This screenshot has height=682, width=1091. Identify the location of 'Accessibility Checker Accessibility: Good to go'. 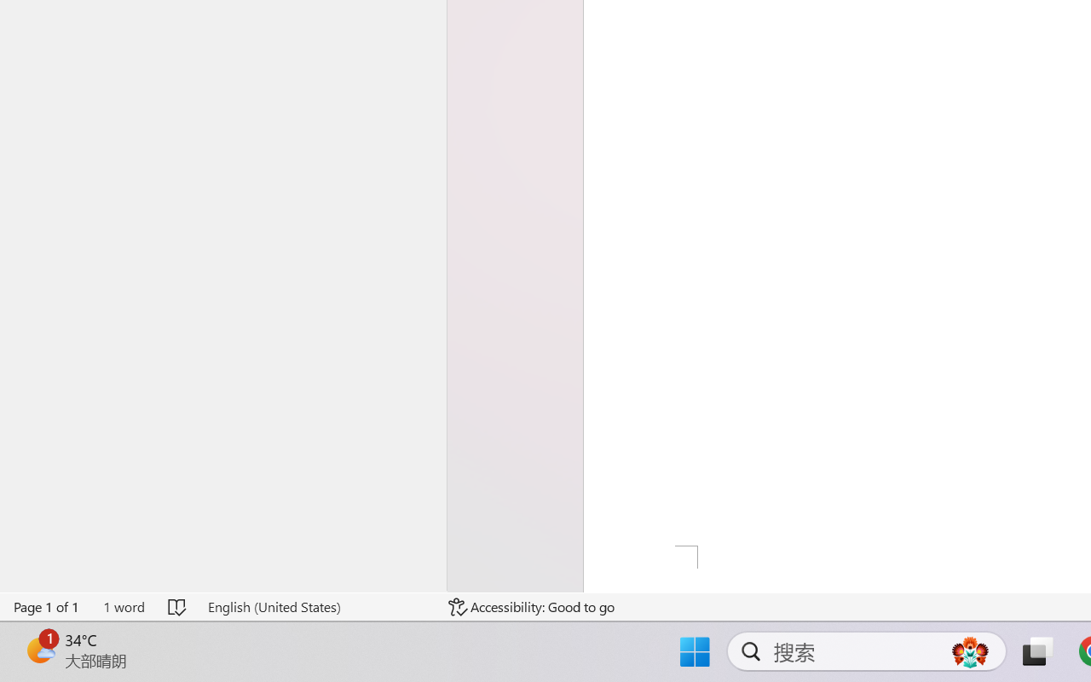
(531, 606).